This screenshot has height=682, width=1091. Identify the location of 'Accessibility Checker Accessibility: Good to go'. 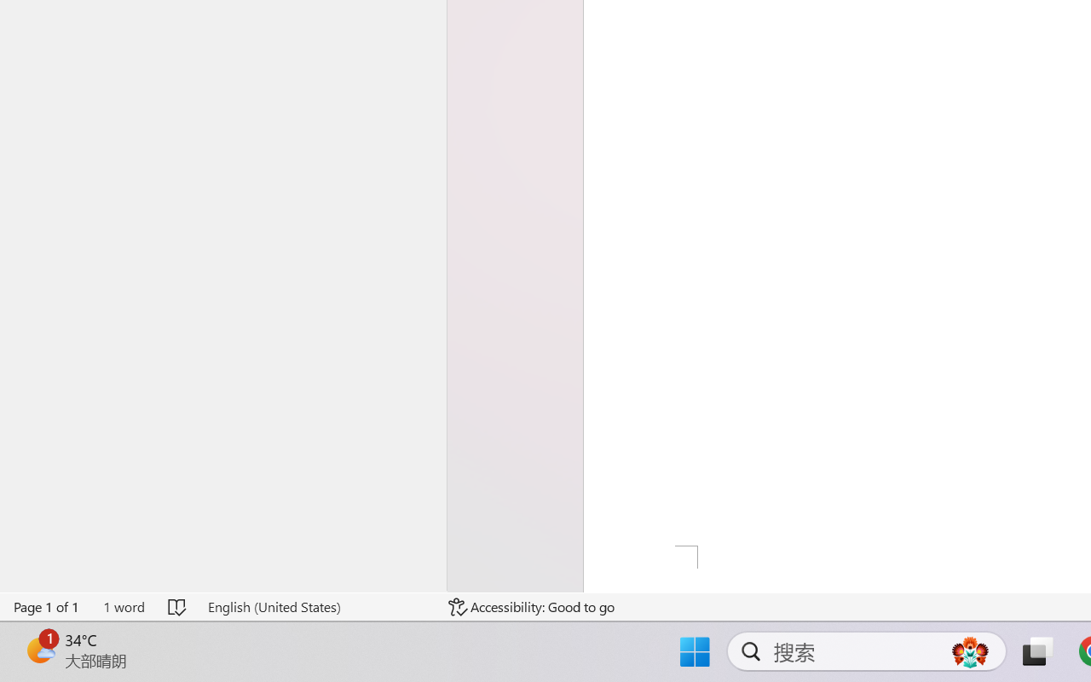
(531, 606).